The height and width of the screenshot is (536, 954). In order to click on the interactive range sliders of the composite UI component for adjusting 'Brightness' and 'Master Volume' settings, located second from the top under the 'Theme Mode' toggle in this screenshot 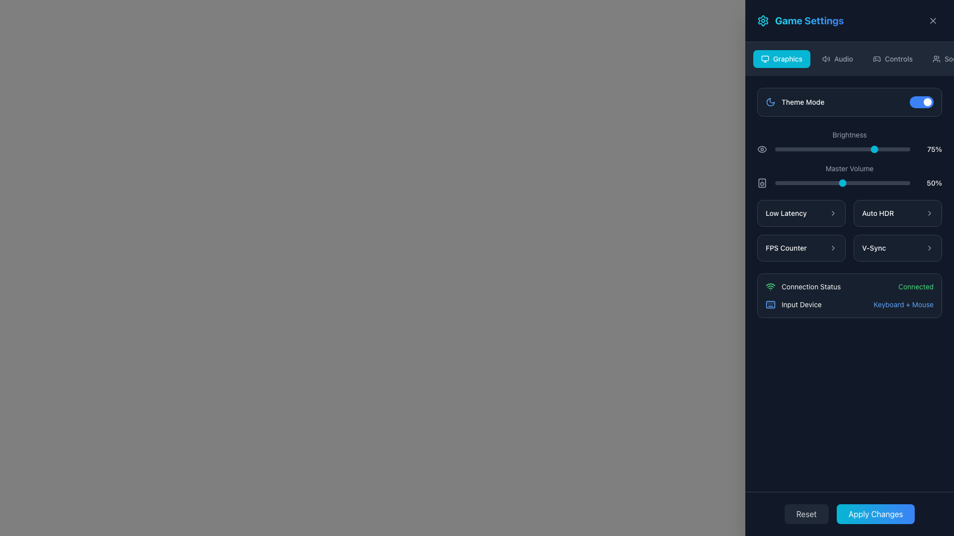, I will do `click(849, 158)`.